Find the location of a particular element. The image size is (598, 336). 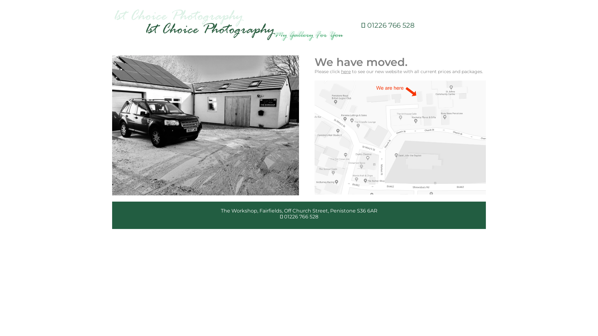

'here' is located at coordinates (345, 71).